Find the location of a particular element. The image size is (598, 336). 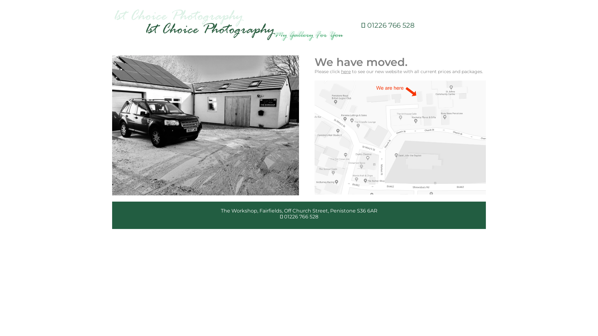

'here' is located at coordinates (345, 71).